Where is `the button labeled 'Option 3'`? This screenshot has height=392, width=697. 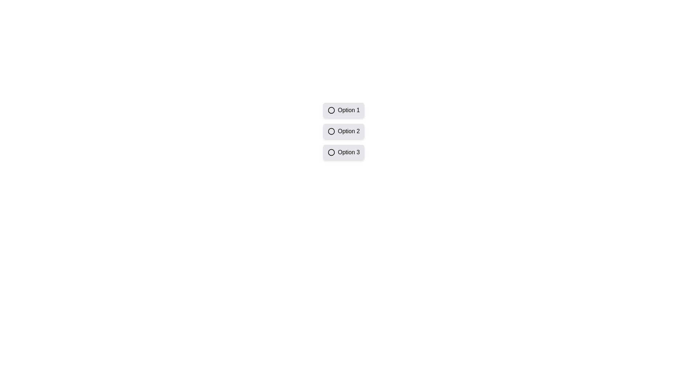
the button labeled 'Option 3' is located at coordinates (343, 152).